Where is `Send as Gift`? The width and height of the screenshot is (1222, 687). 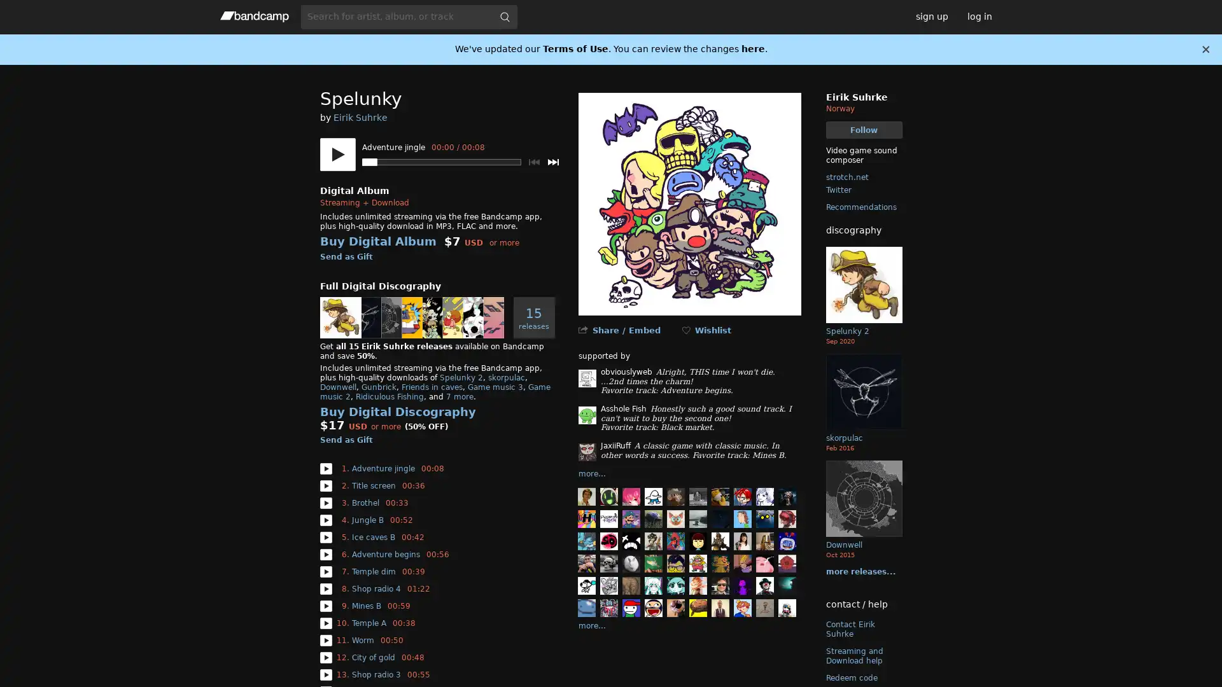 Send as Gift is located at coordinates (346, 258).